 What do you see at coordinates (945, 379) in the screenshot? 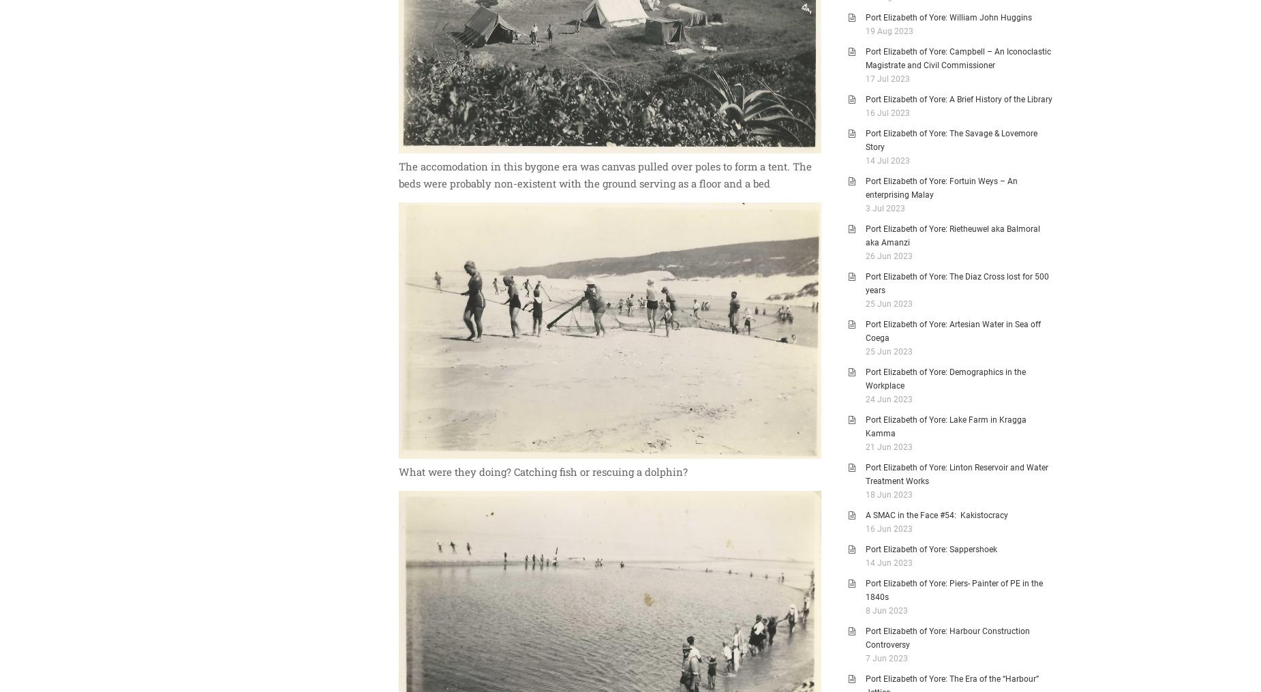
I see `'Port Elizabeth of Yore: Demographics in the Workplace'` at bounding box center [945, 379].